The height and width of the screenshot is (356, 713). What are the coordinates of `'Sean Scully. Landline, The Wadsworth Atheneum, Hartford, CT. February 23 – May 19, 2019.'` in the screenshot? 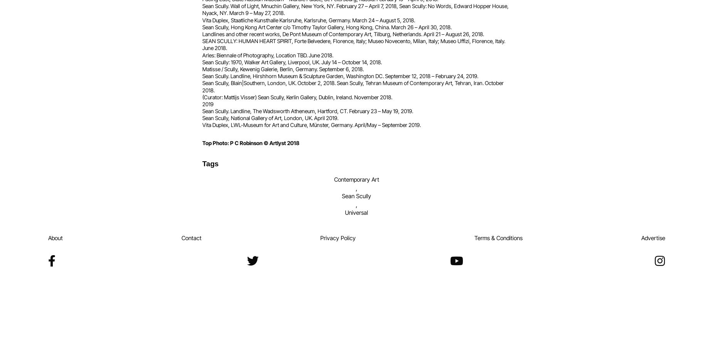 It's located at (202, 110).